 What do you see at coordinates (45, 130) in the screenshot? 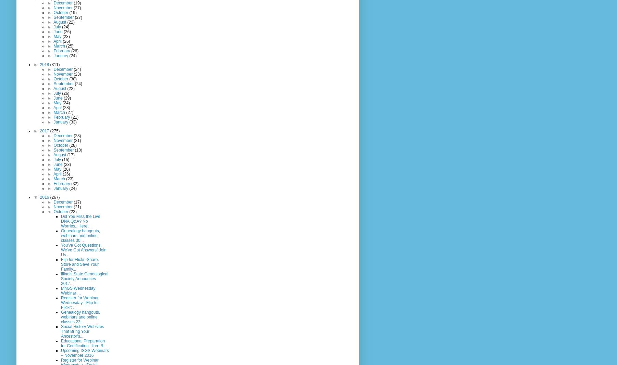
I see `'2017'` at bounding box center [45, 130].